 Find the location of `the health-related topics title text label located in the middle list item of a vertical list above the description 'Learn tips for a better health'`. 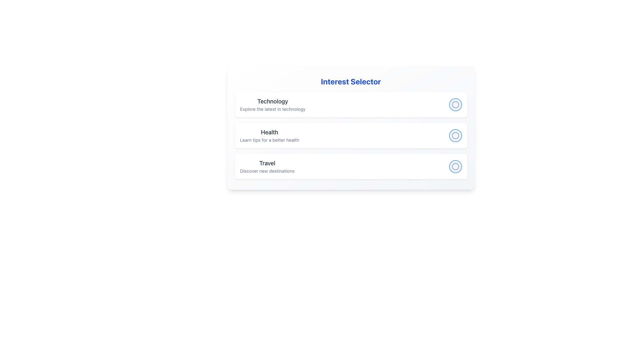

the health-related topics title text label located in the middle list item of a vertical list above the description 'Learn tips for a better health' is located at coordinates (270, 132).